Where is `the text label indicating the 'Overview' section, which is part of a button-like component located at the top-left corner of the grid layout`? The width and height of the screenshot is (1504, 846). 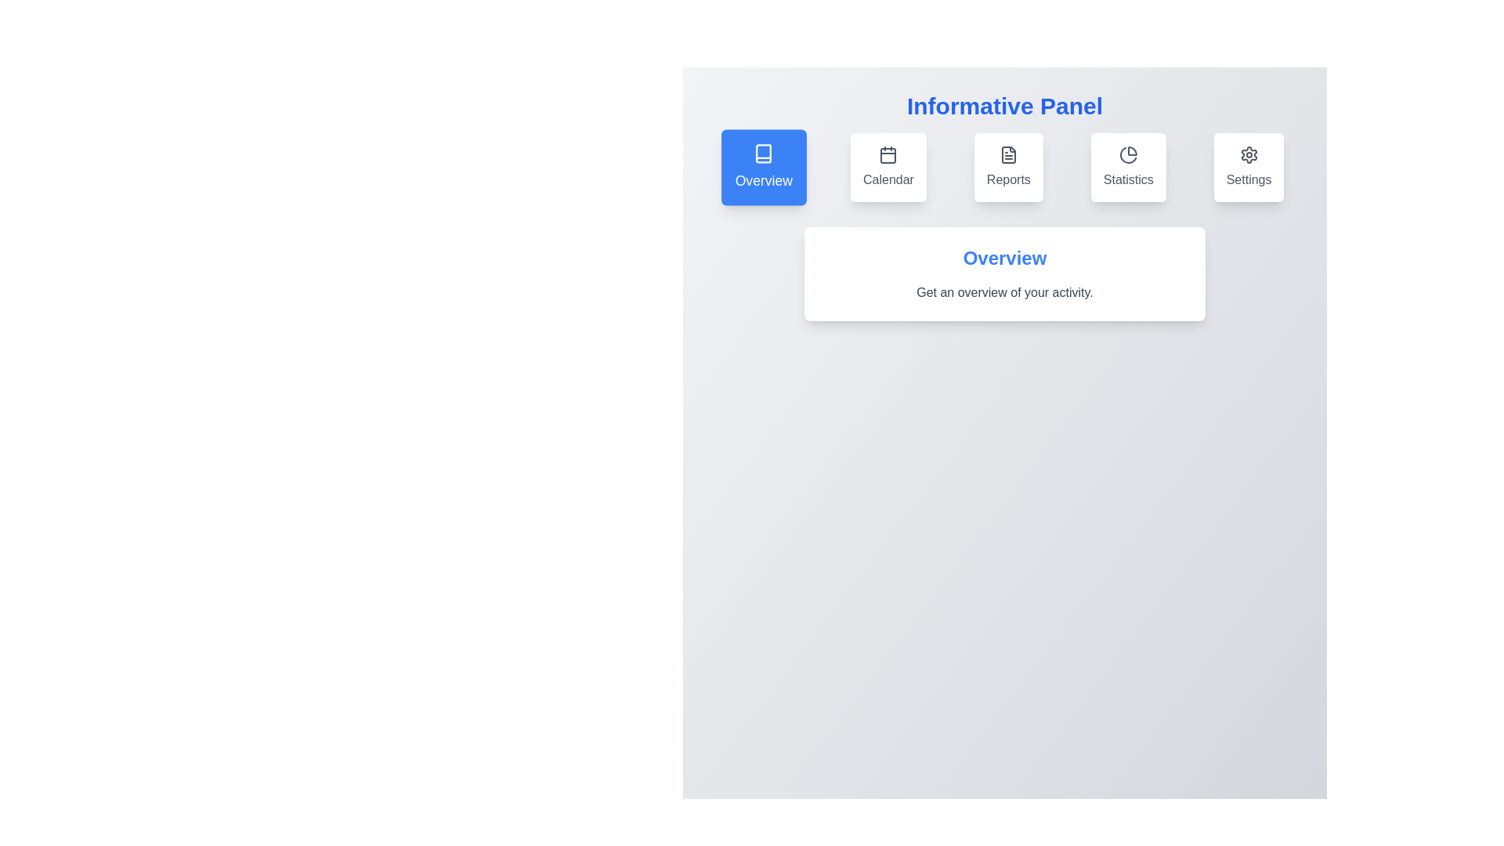 the text label indicating the 'Overview' section, which is part of a button-like component located at the top-left corner of the grid layout is located at coordinates (764, 180).